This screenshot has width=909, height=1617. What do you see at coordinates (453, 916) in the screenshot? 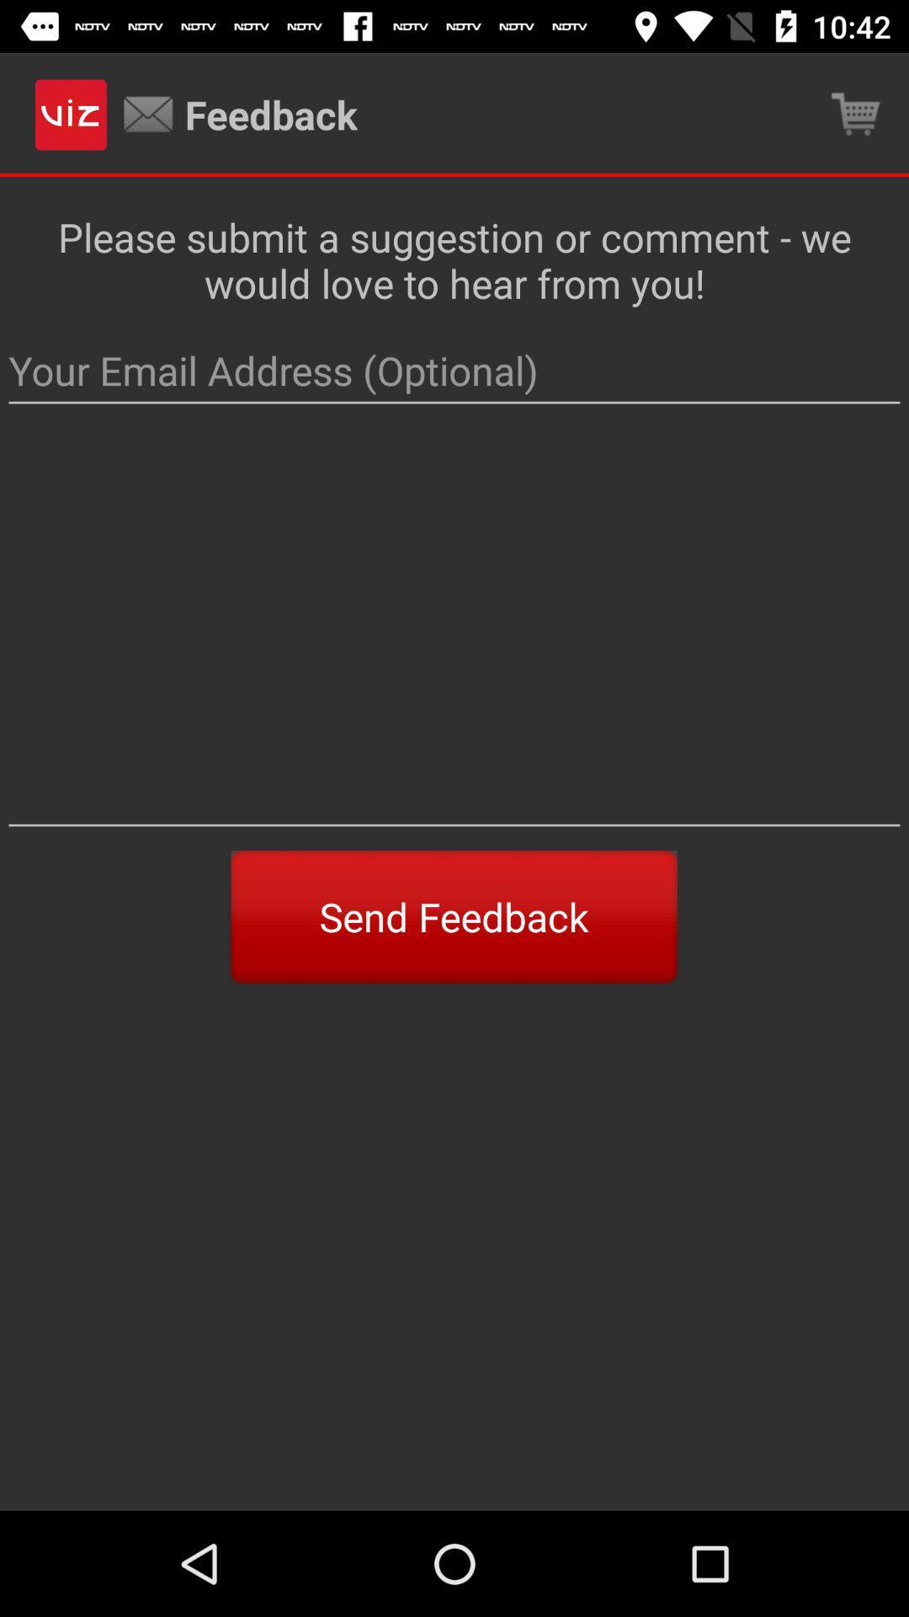
I see `the send feedback item` at bounding box center [453, 916].